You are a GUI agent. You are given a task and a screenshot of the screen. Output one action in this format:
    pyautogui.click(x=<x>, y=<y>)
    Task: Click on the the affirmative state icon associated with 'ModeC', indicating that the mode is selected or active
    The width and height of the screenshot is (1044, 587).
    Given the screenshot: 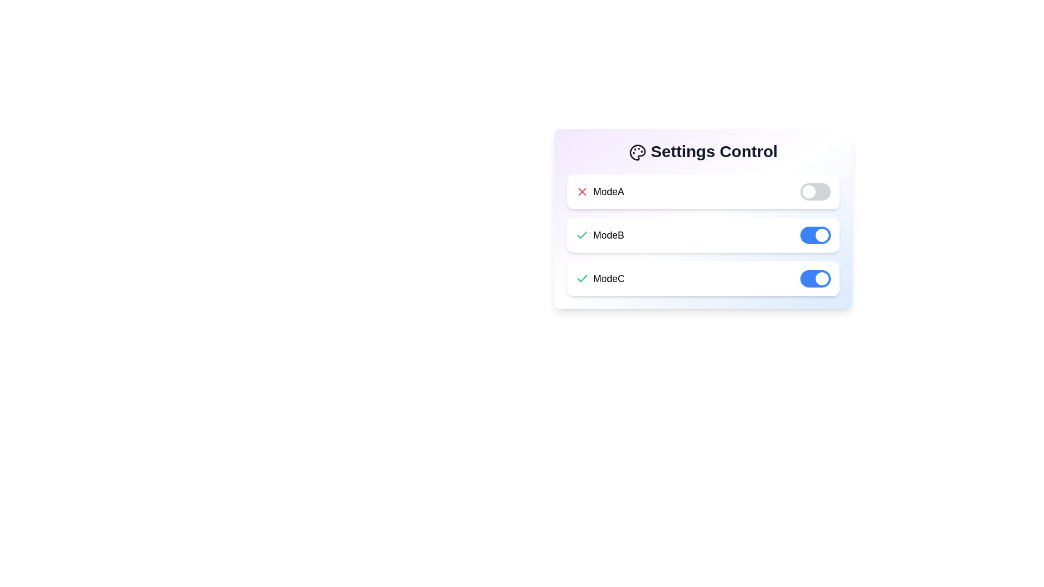 What is the action you would take?
    pyautogui.click(x=581, y=278)
    